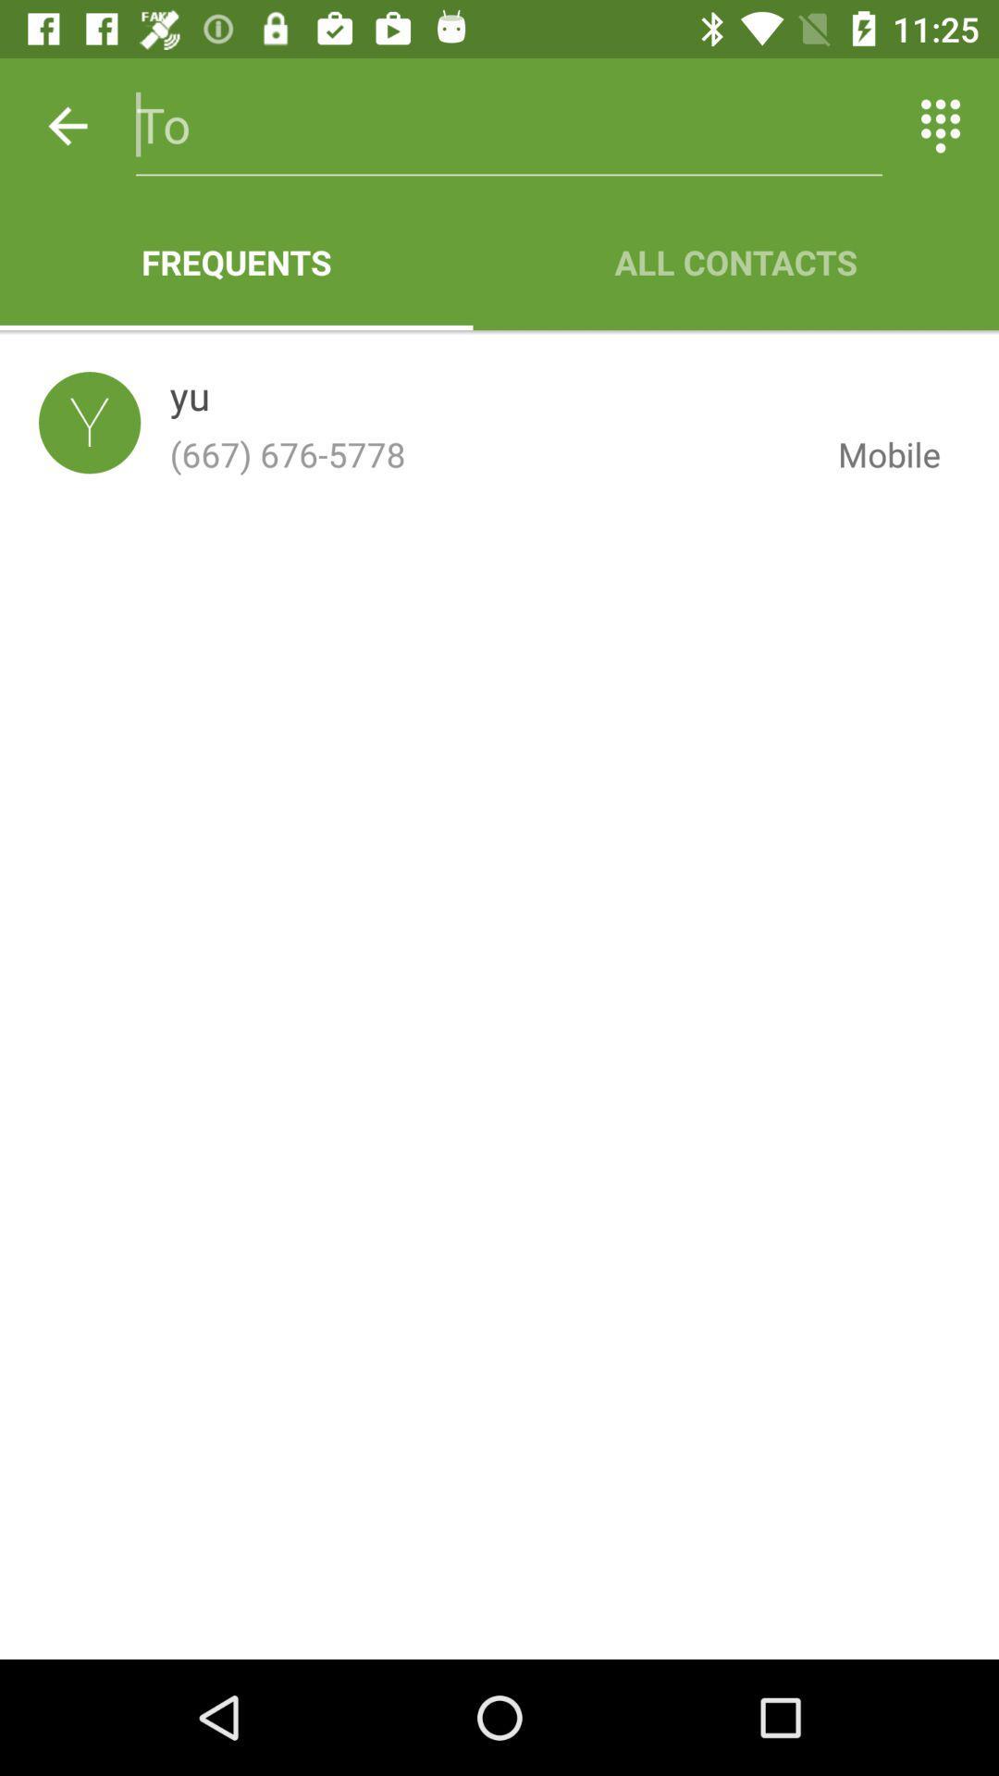  Describe the element at coordinates (190, 399) in the screenshot. I see `the item above (667) 676-5778 icon` at that location.